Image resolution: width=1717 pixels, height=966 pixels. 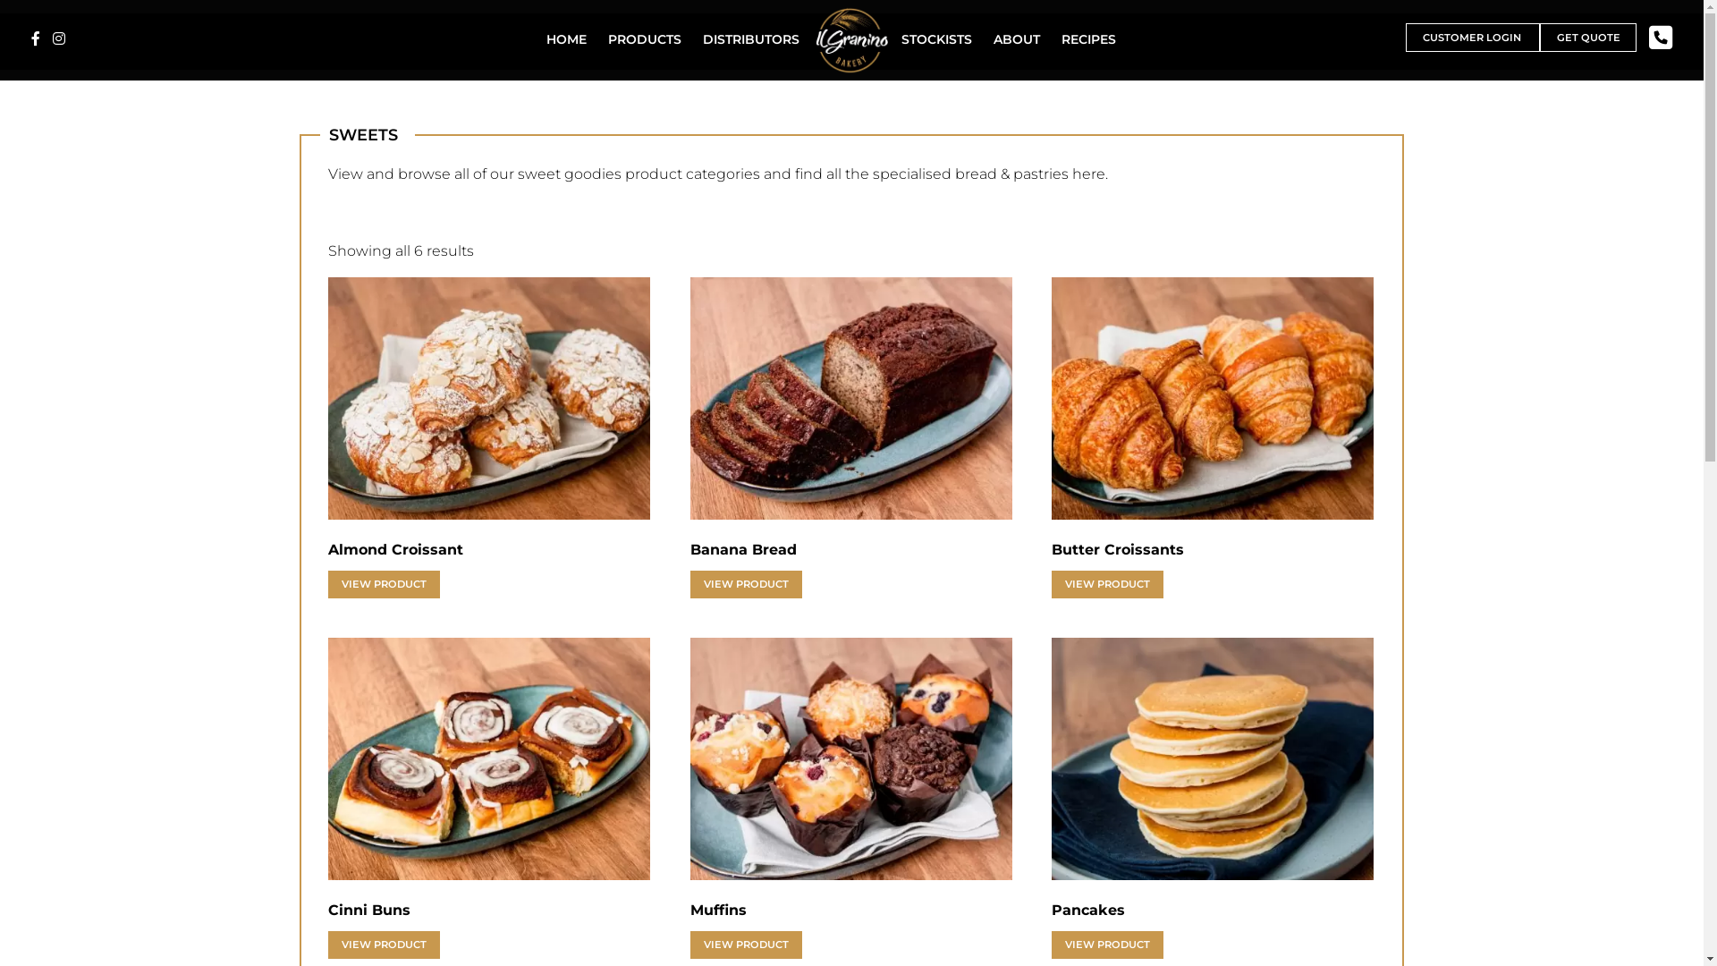 What do you see at coordinates (0, 0) in the screenshot?
I see `'Skip to main content'` at bounding box center [0, 0].